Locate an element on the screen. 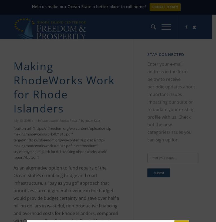 The height and width of the screenshot is (222, 216). 'Enter your e-mail address in the form below to receive periodic updates about important issues impacting our state or to update your existing profile with us. Check out the new categories/issues you can sign up for.' is located at coordinates (147, 101).